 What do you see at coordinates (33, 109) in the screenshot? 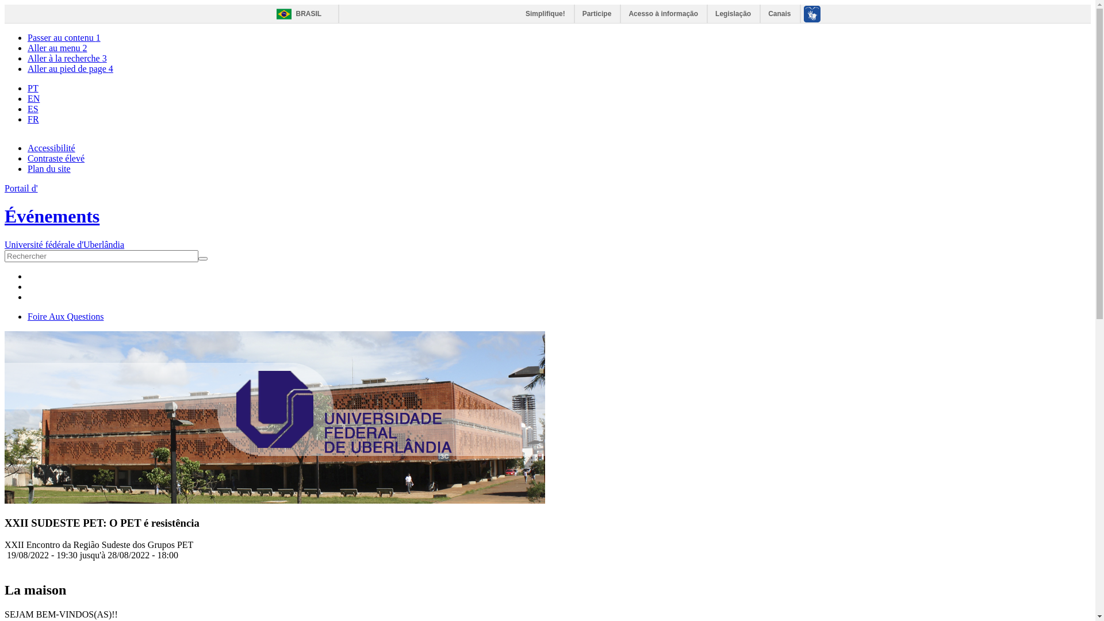
I see `'ES'` at bounding box center [33, 109].